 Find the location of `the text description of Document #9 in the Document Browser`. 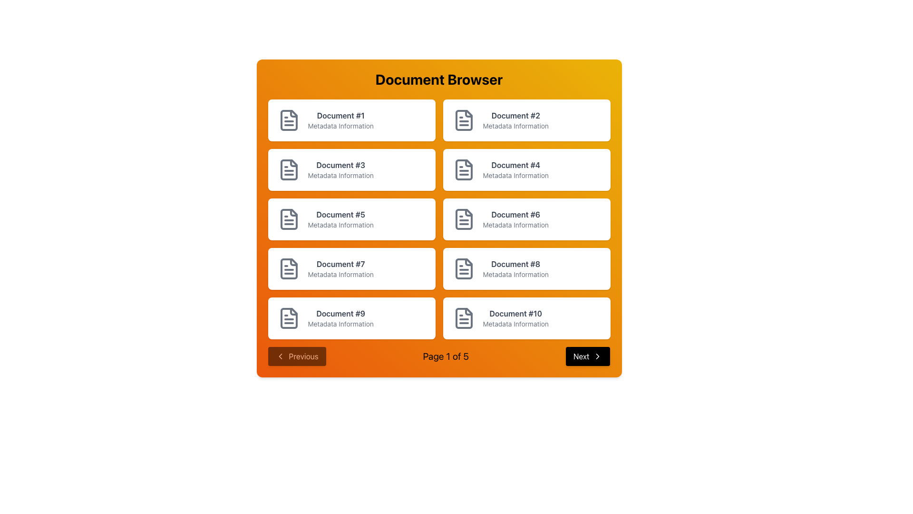

the text description of Document #9 in the Document Browser is located at coordinates (340, 318).